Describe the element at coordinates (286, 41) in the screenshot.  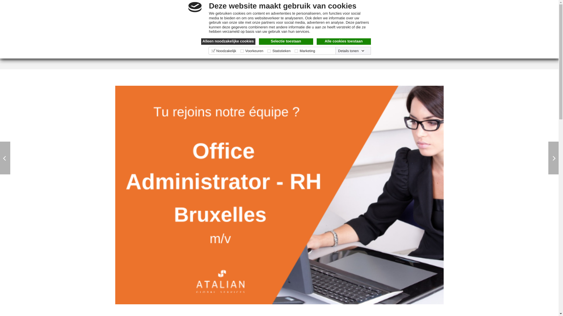
I see `'Selectie toestaan'` at that location.